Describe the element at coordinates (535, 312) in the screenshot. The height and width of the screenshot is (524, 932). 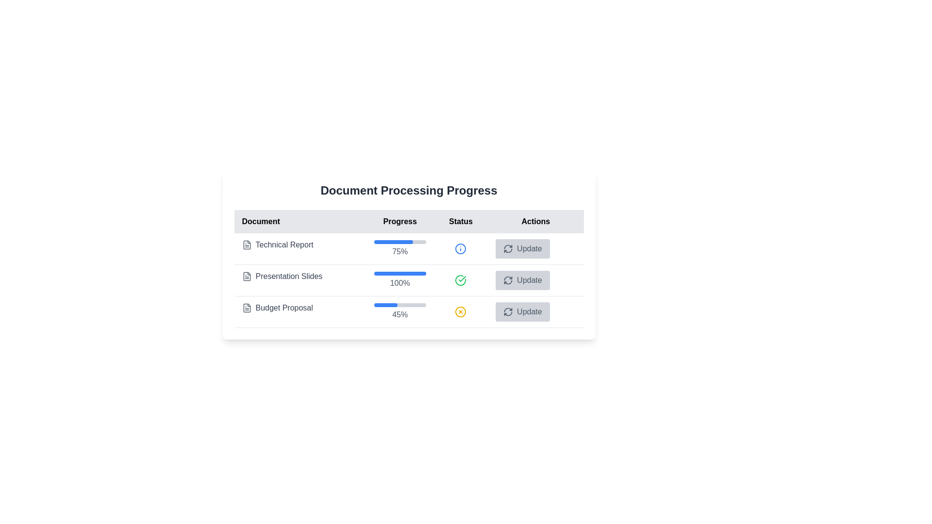
I see `the 'Update' button in the 'Actions' column of the third row for the document labeled 'Budget Proposal', which is styled in light gray with a refresh icon` at that location.